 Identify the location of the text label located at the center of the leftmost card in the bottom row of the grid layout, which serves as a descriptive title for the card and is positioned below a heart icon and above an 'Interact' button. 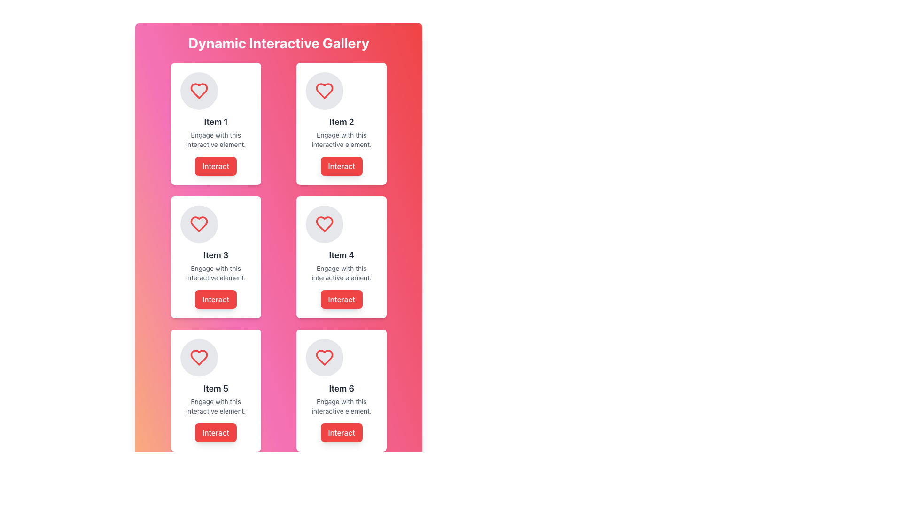
(215, 389).